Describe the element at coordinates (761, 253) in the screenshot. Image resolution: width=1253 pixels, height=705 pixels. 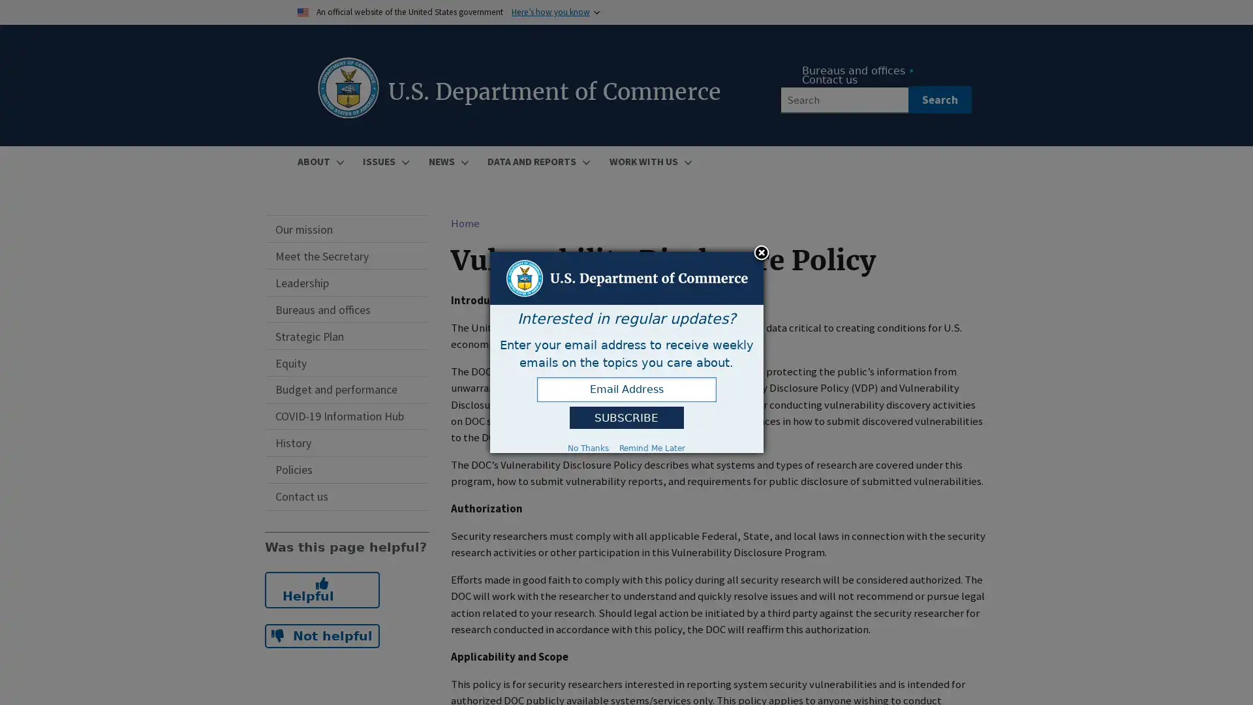
I see `Close subscription dialog` at that location.